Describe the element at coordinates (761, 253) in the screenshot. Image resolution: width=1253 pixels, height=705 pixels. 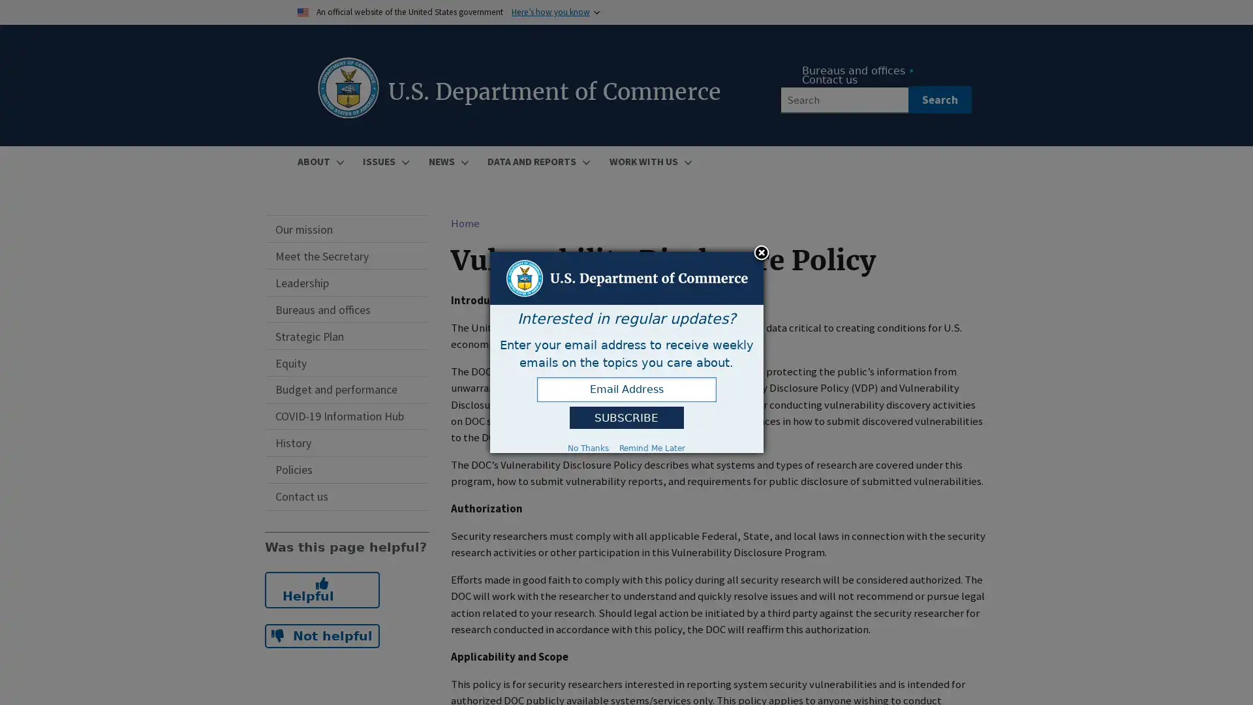
I see `Close subscription dialog` at that location.